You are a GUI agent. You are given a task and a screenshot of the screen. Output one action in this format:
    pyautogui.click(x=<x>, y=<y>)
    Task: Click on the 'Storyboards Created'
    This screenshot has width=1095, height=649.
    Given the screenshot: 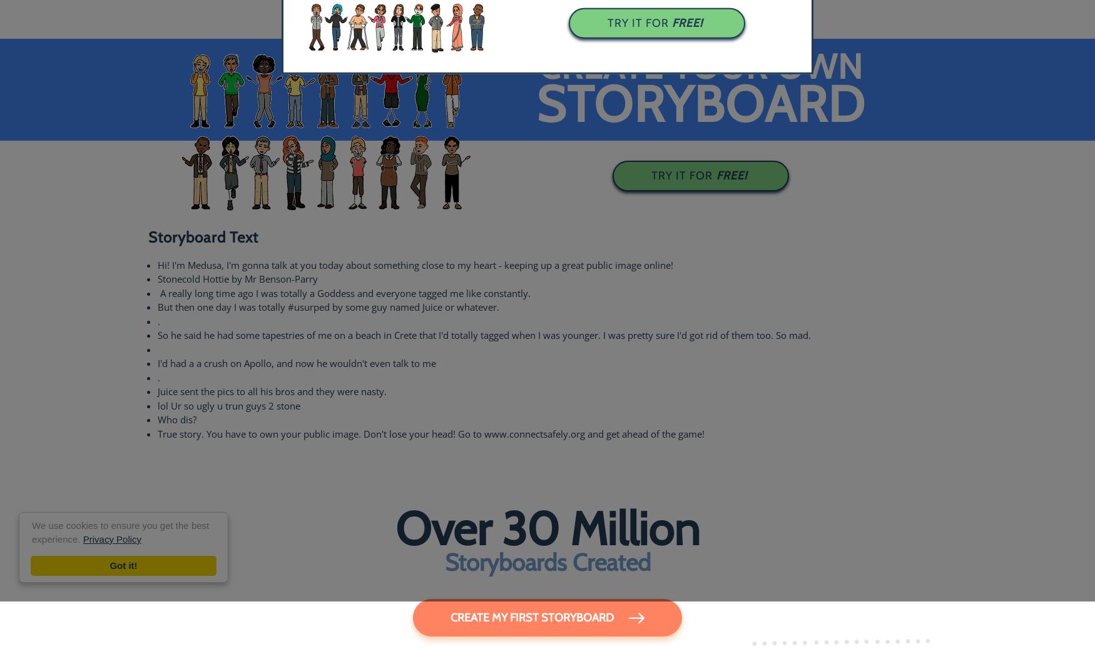 What is the action you would take?
    pyautogui.click(x=547, y=562)
    